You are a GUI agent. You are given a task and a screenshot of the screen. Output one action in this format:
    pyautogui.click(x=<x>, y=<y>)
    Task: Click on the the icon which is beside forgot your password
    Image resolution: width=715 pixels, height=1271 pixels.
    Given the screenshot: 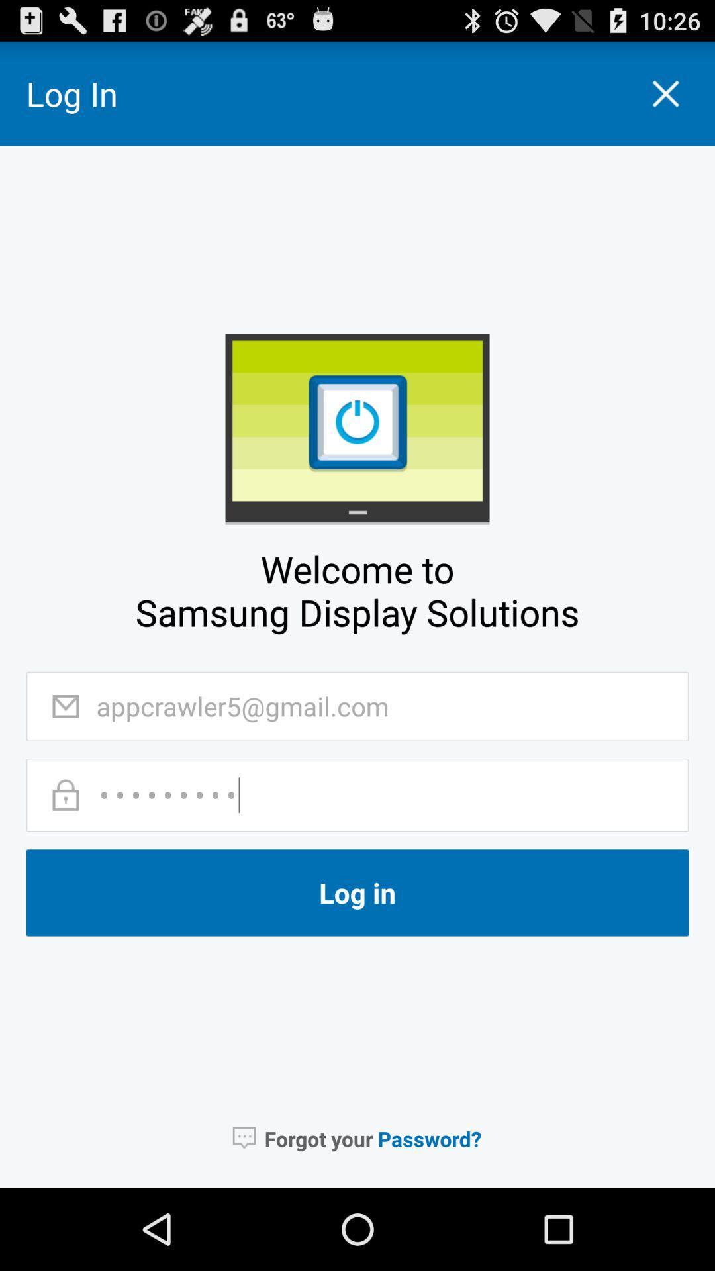 What is the action you would take?
    pyautogui.click(x=244, y=1137)
    